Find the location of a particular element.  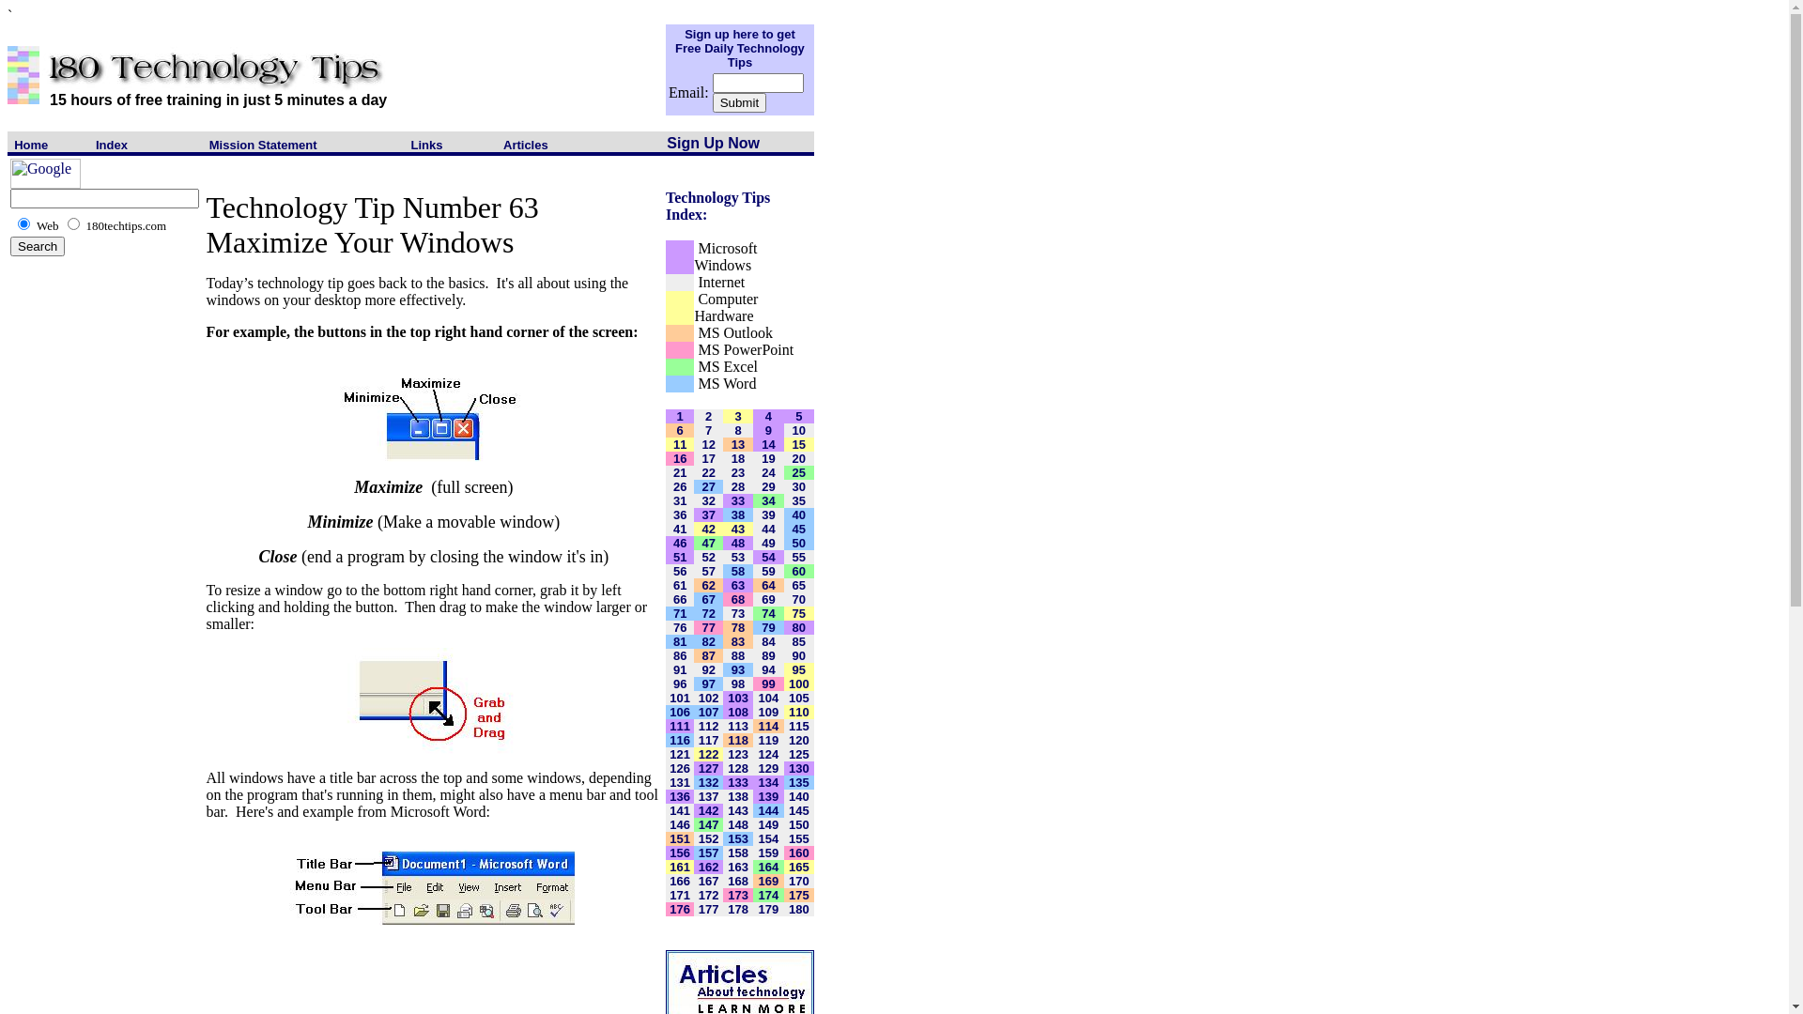

'88' is located at coordinates (737, 654).